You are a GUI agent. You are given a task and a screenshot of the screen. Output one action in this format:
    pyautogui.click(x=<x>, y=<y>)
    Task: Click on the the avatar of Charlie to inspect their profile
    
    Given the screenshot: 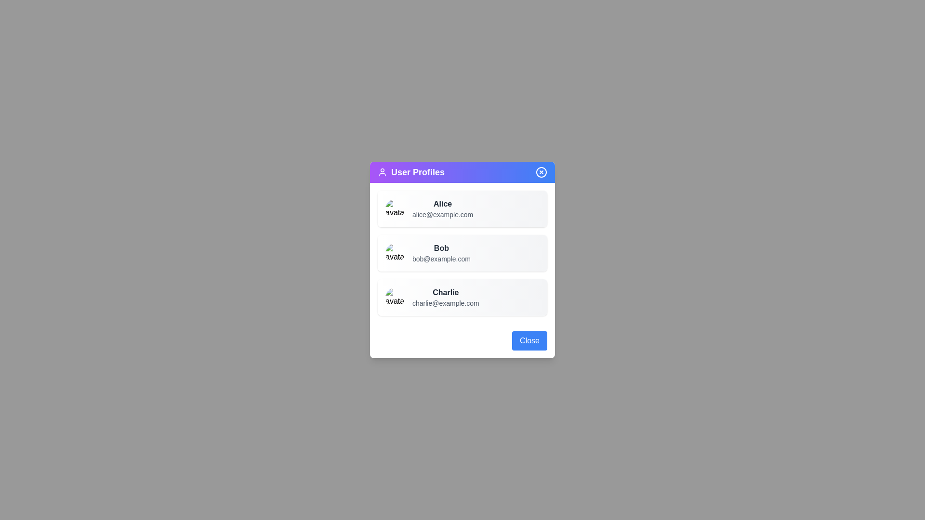 What is the action you would take?
    pyautogui.click(x=395, y=297)
    